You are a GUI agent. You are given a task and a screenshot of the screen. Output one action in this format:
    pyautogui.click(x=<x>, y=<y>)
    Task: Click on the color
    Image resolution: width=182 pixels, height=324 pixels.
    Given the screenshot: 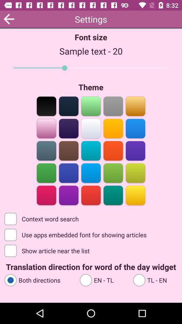 What is the action you would take?
    pyautogui.click(x=135, y=172)
    